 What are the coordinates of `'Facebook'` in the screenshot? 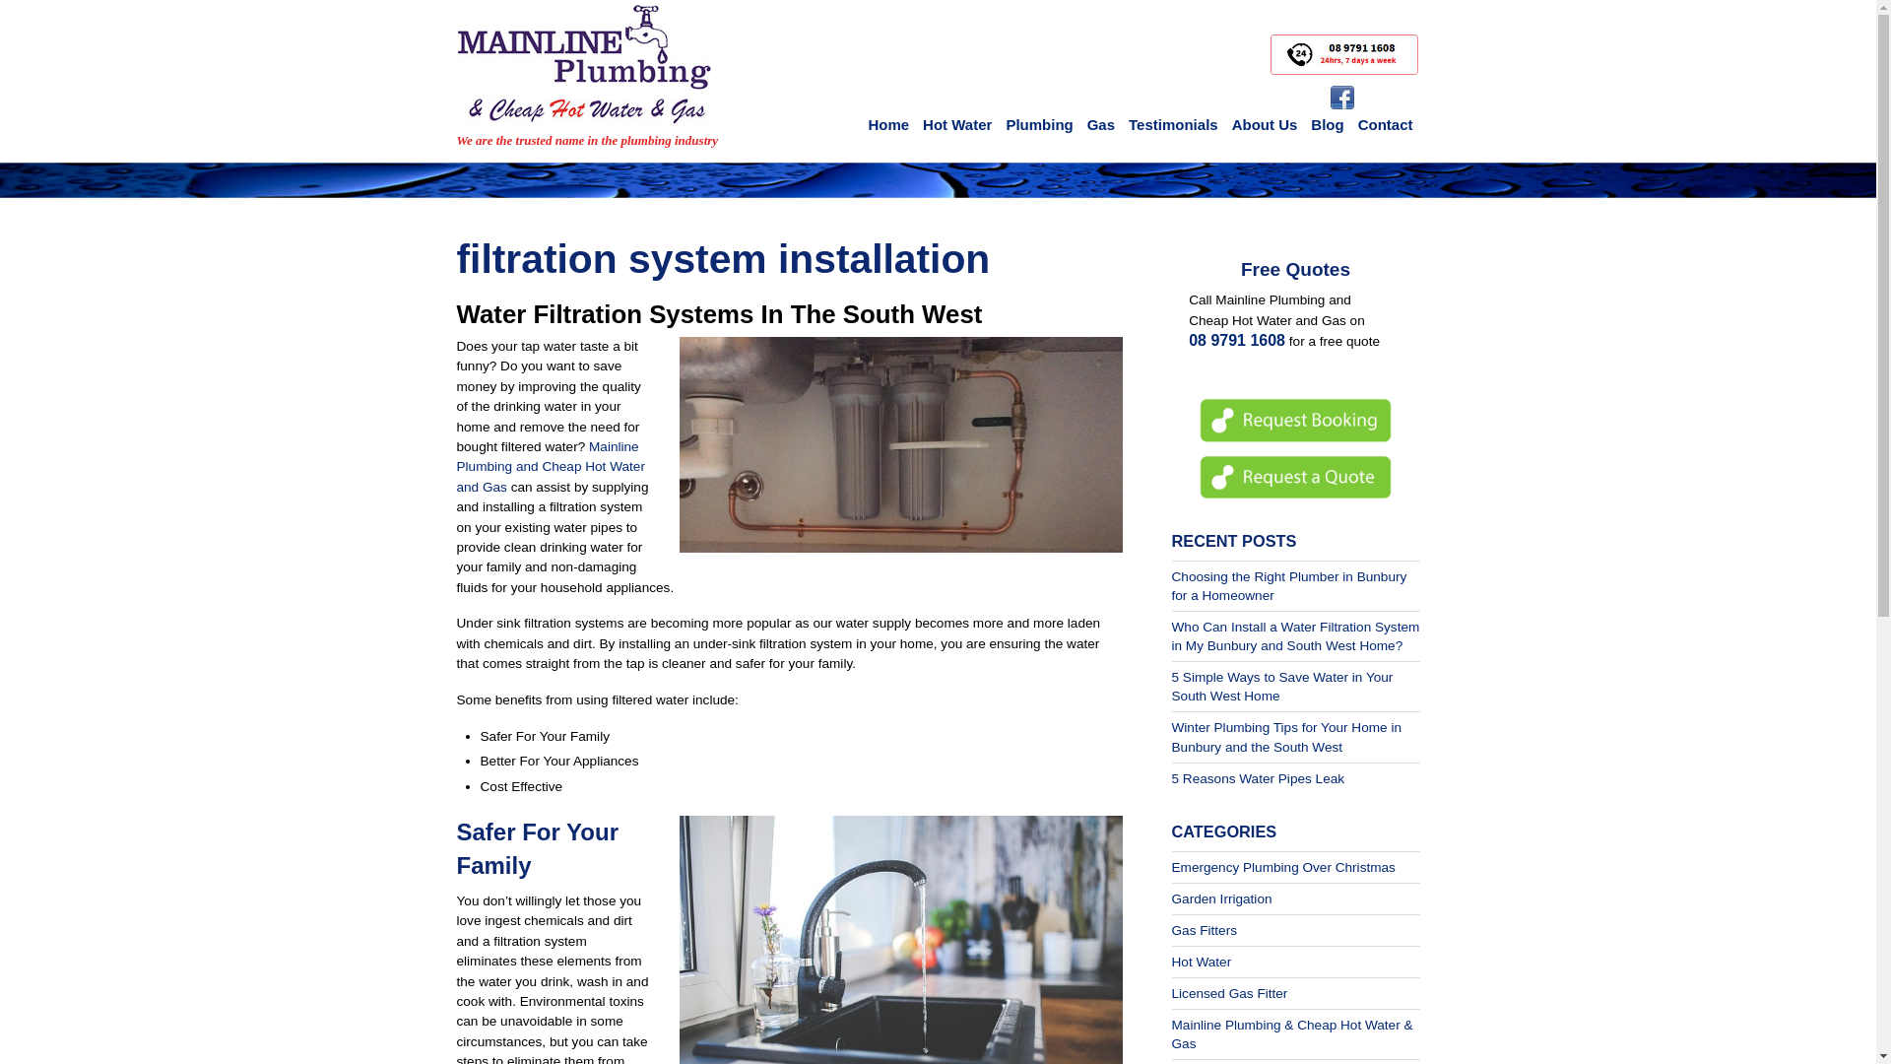 It's located at (1340, 98).